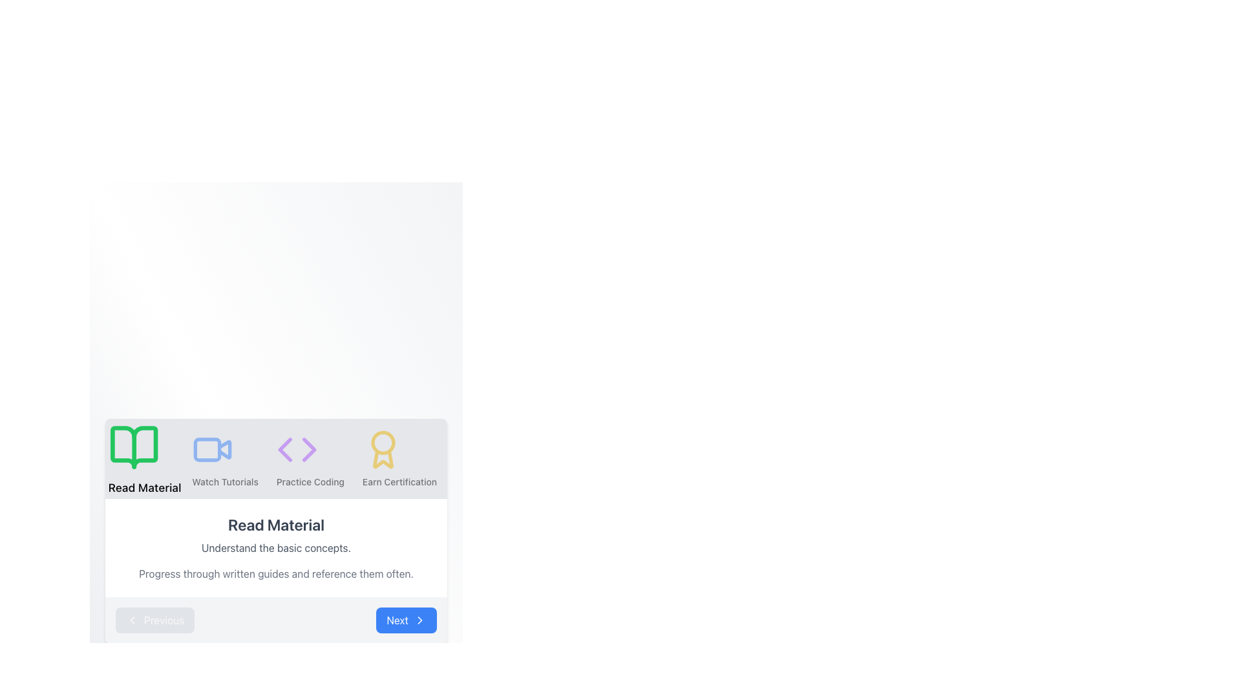  Describe the element at coordinates (225, 481) in the screenshot. I see `the 'Watch Tutorials' text label, which serves as a descriptive label for the associated button above it, located below a video icon and between 'Read Material' and 'Practice Coding'` at that location.